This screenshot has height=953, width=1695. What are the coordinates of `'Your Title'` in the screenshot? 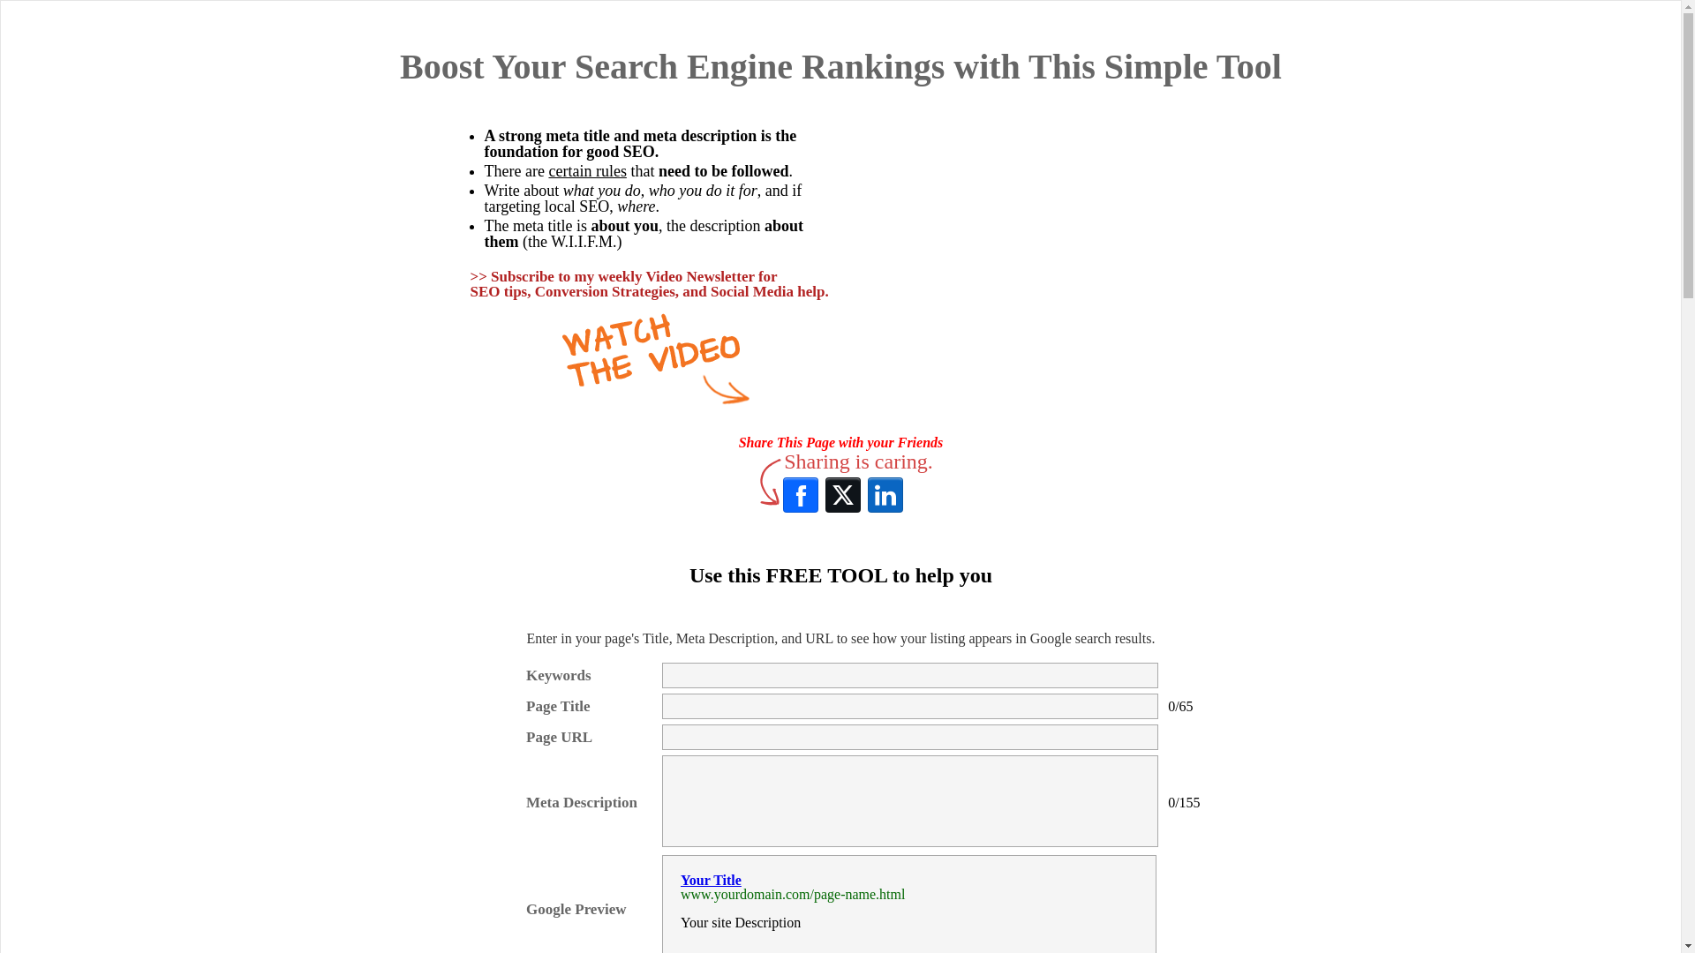 It's located at (680, 880).